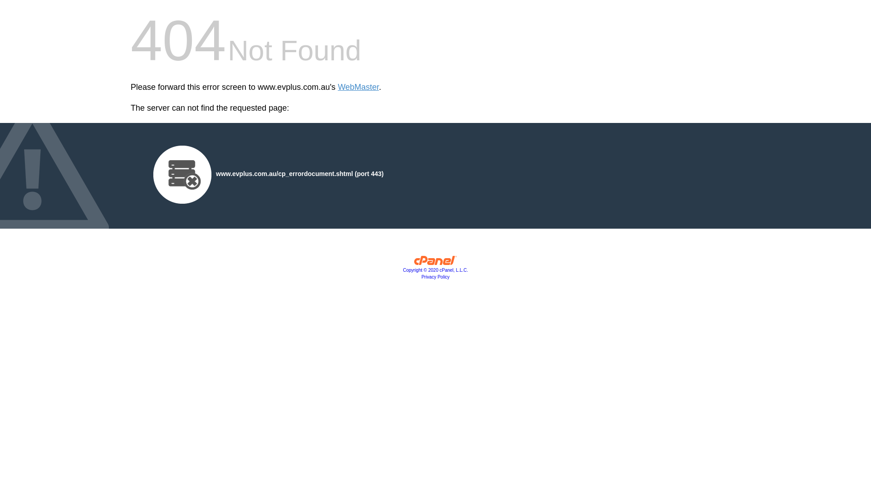  What do you see at coordinates (421, 276) in the screenshot?
I see `'Privacy Policy'` at bounding box center [421, 276].